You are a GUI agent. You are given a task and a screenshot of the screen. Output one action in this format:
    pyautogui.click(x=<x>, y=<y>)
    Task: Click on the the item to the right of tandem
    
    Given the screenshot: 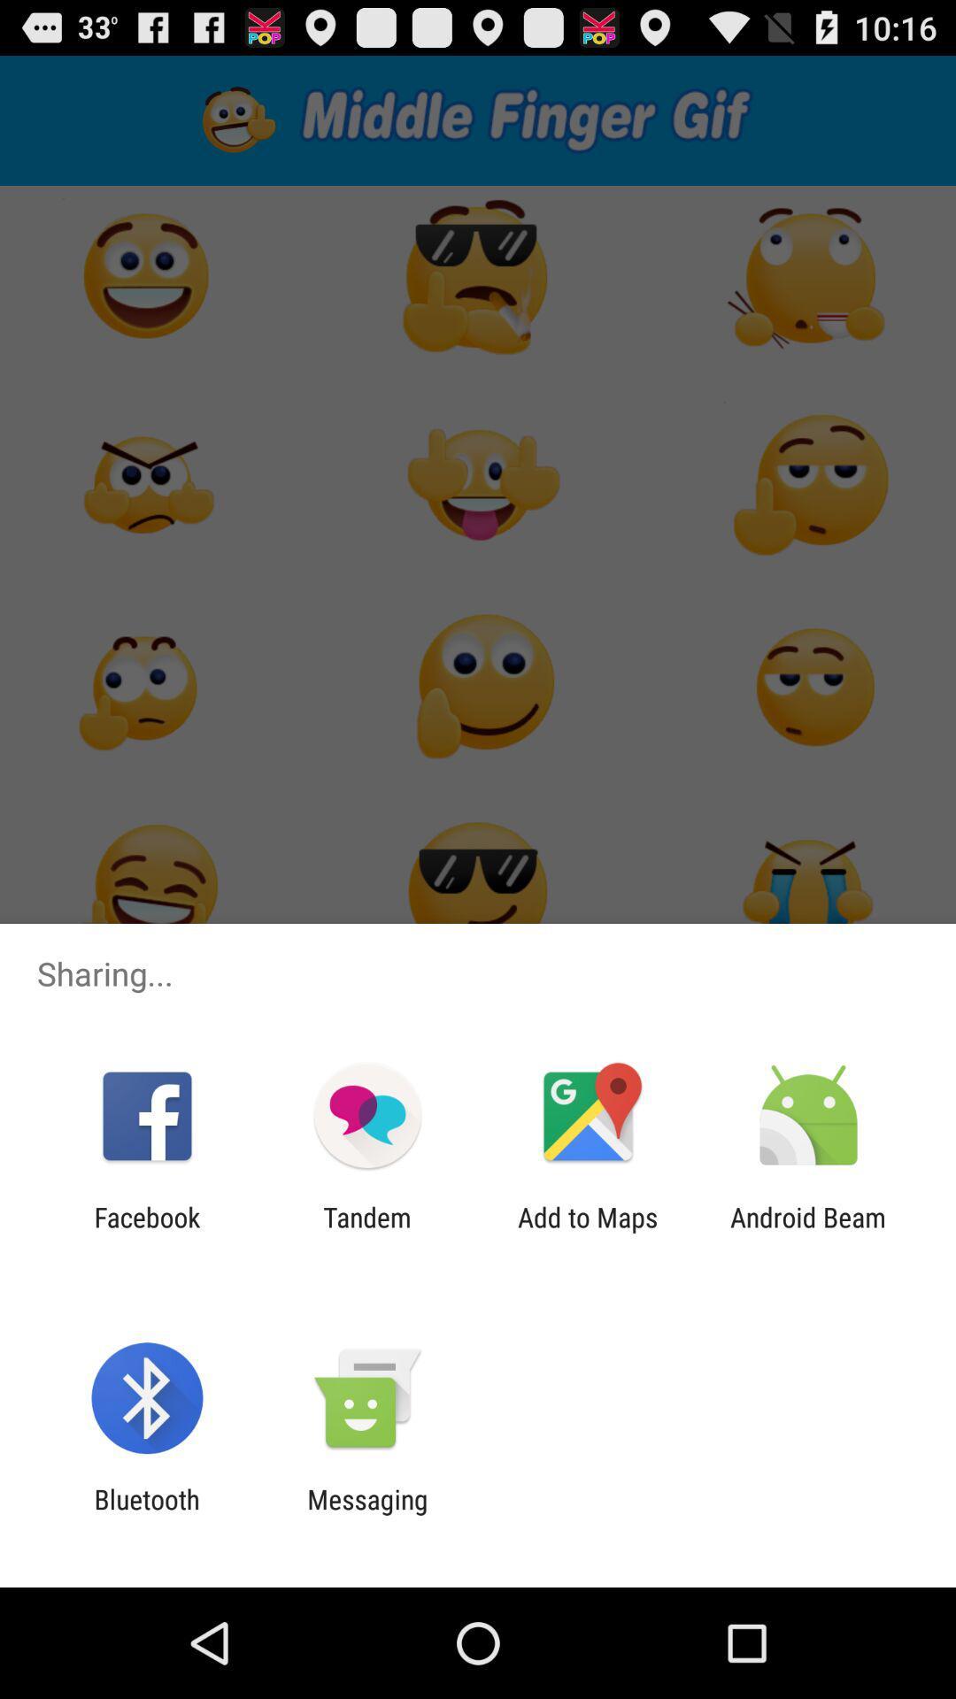 What is the action you would take?
    pyautogui.click(x=588, y=1232)
    